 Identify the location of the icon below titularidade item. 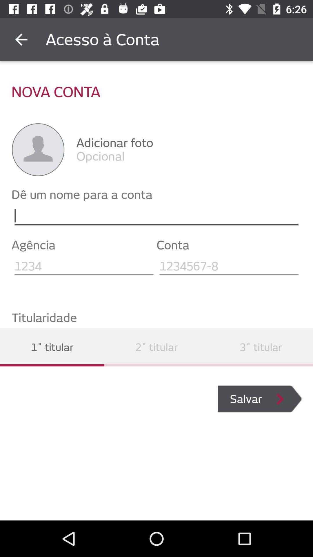
(260, 347).